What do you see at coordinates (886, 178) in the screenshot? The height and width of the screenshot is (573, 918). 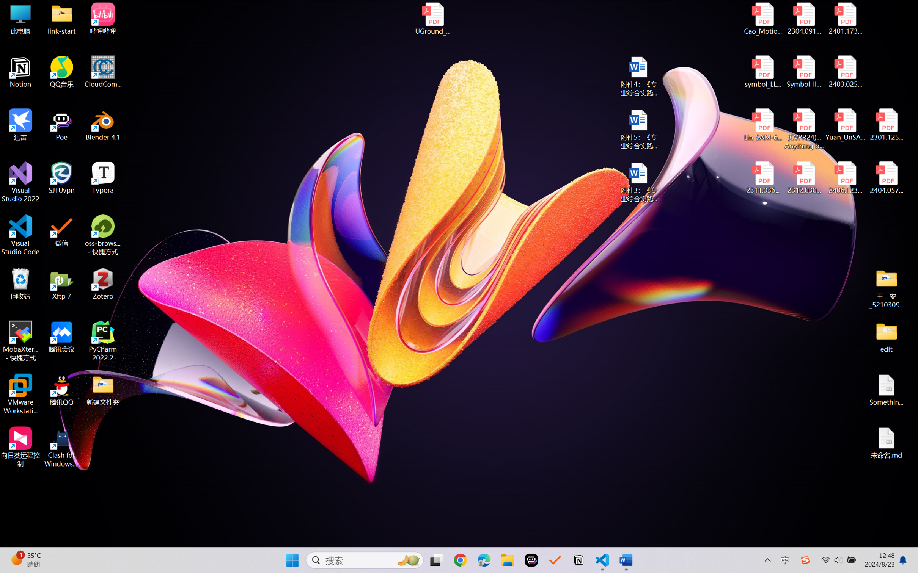 I see `'2404.05719v1.pdf'` at bounding box center [886, 178].